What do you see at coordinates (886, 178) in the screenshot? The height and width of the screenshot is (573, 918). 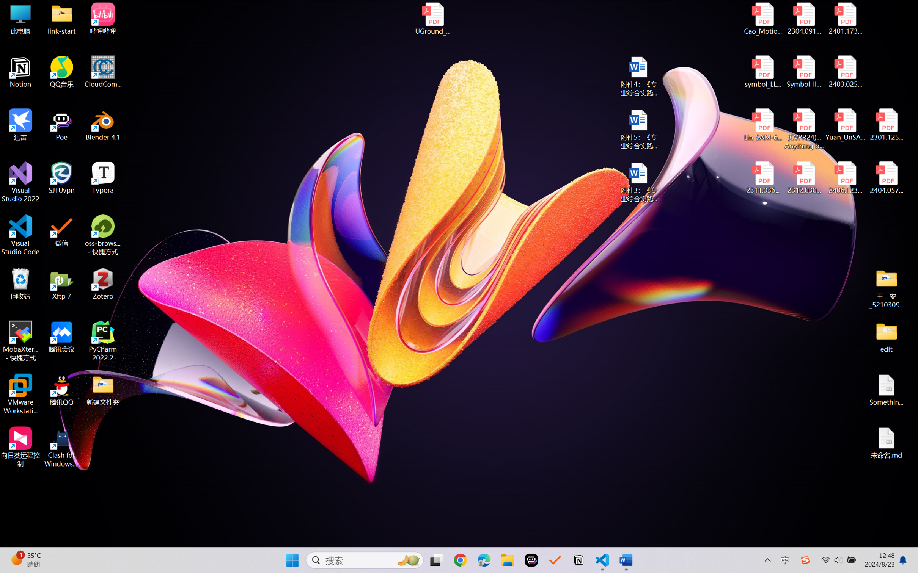 I see `'2404.05719v1.pdf'` at bounding box center [886, 178].